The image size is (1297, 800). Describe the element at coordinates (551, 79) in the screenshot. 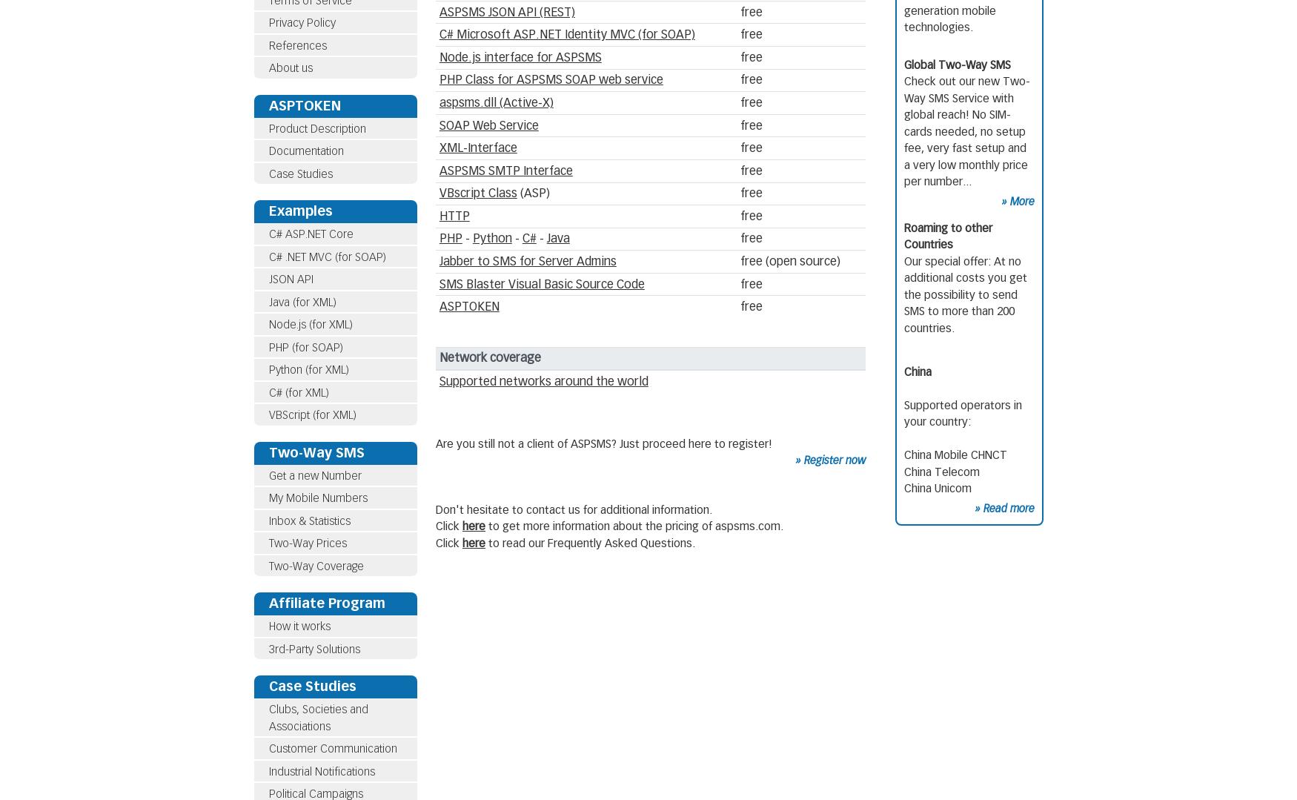

I see `'PHP Class for ASPSMS SOAP web service'` at that location.